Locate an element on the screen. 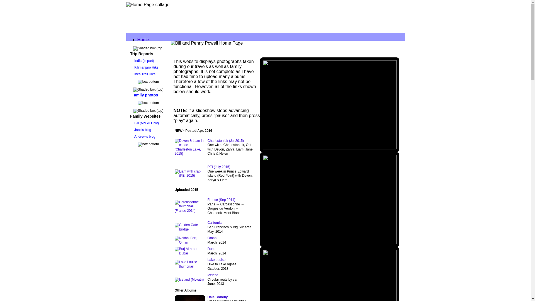 The image size is (535, 301). 'France (Sep 2014)' is located at coordinates (221, 200).